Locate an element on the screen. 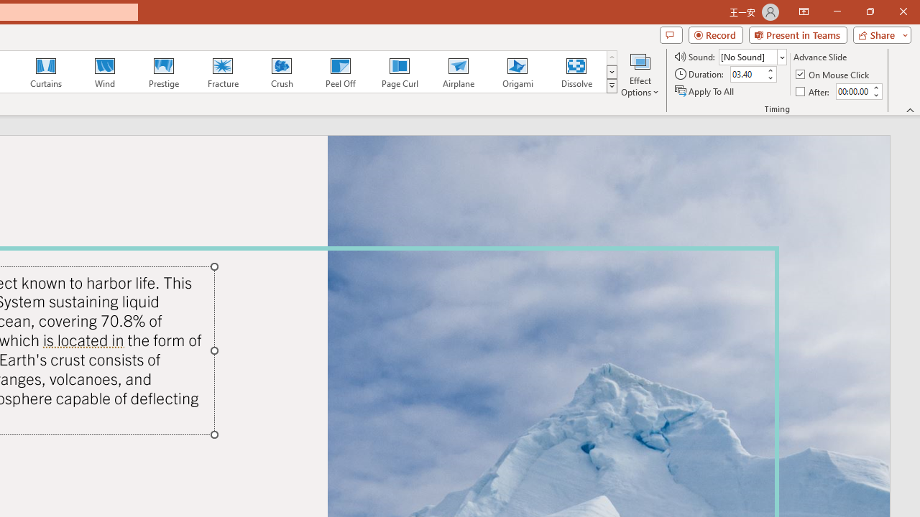 This screenshot has height=517, width=920. 'Transition Effects' is located at coordinates (612, 86).